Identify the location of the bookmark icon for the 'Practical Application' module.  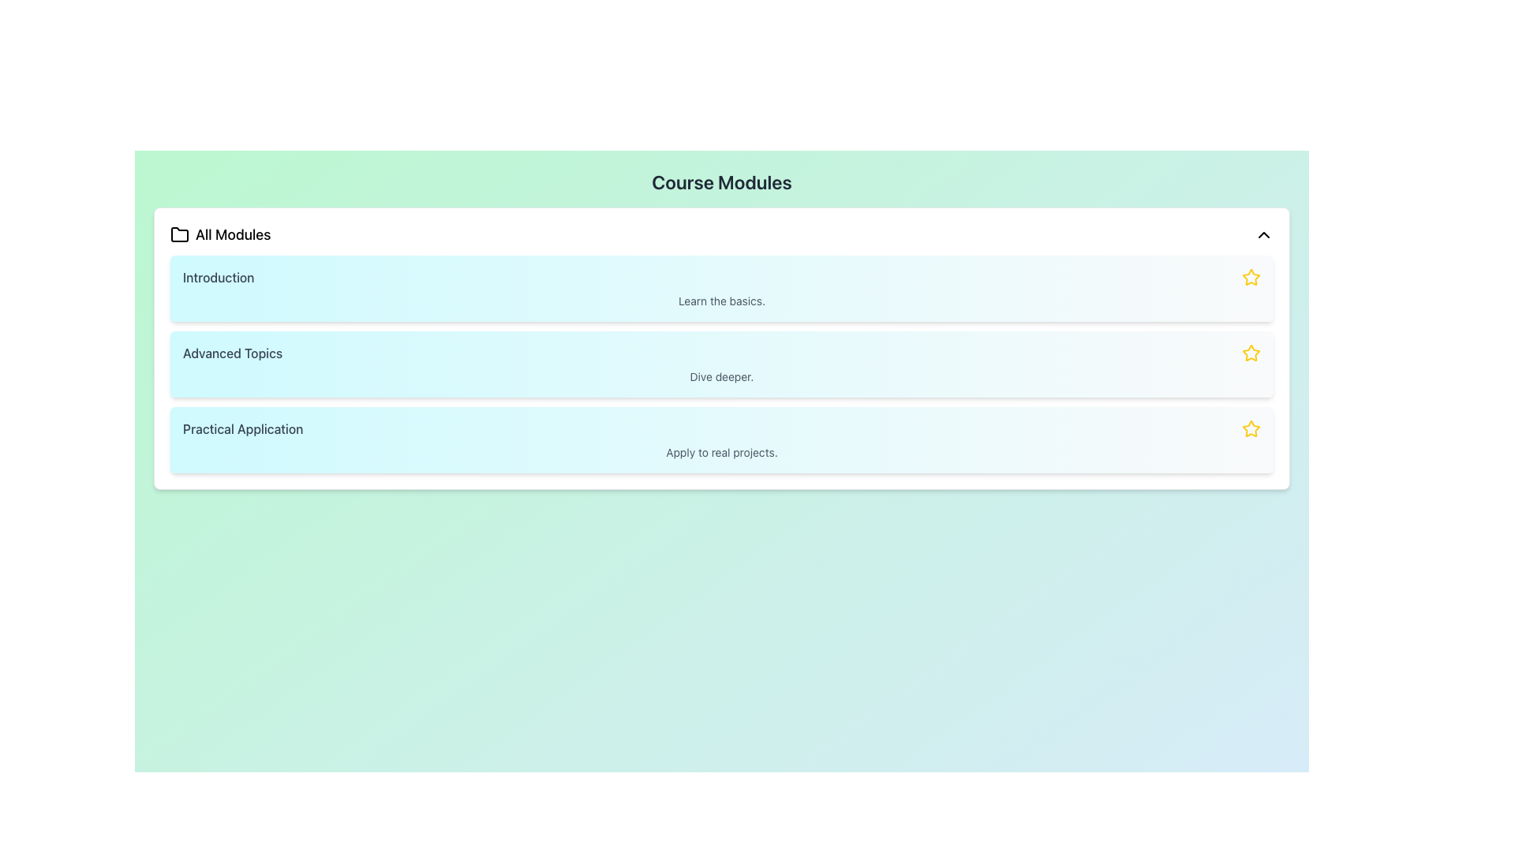
(1250, 352).